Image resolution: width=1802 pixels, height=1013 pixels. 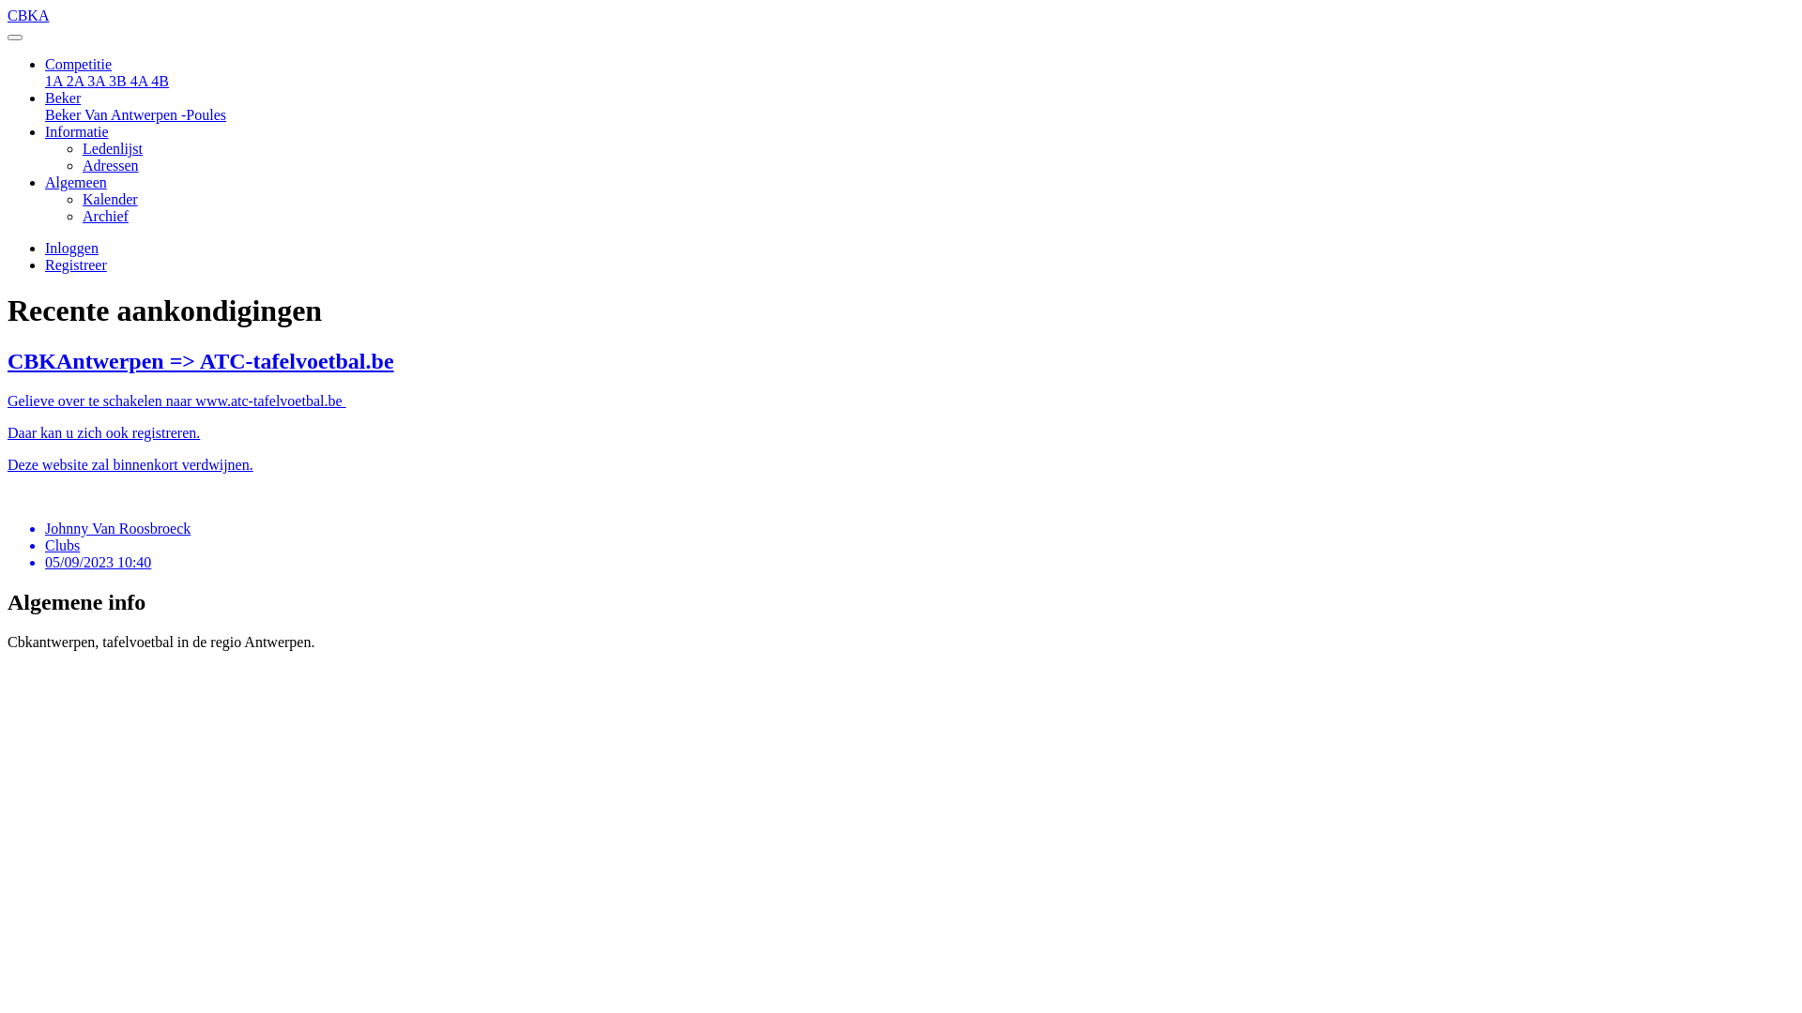 I want to click on 'CBKA', so click(x=901, y=23).